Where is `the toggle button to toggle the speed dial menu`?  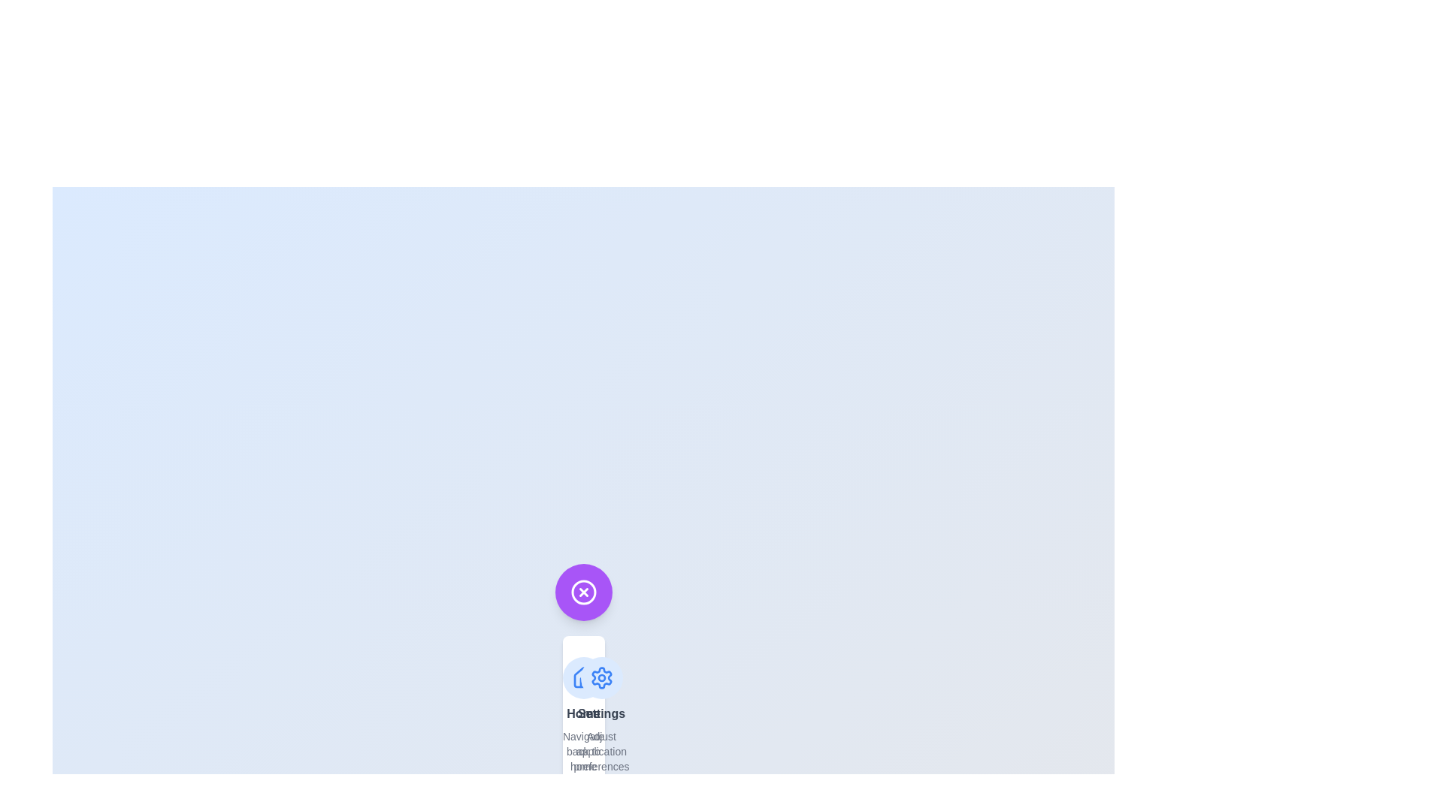 the toggle button to toggle the speed dial menu is located at coordinates (582, 592).